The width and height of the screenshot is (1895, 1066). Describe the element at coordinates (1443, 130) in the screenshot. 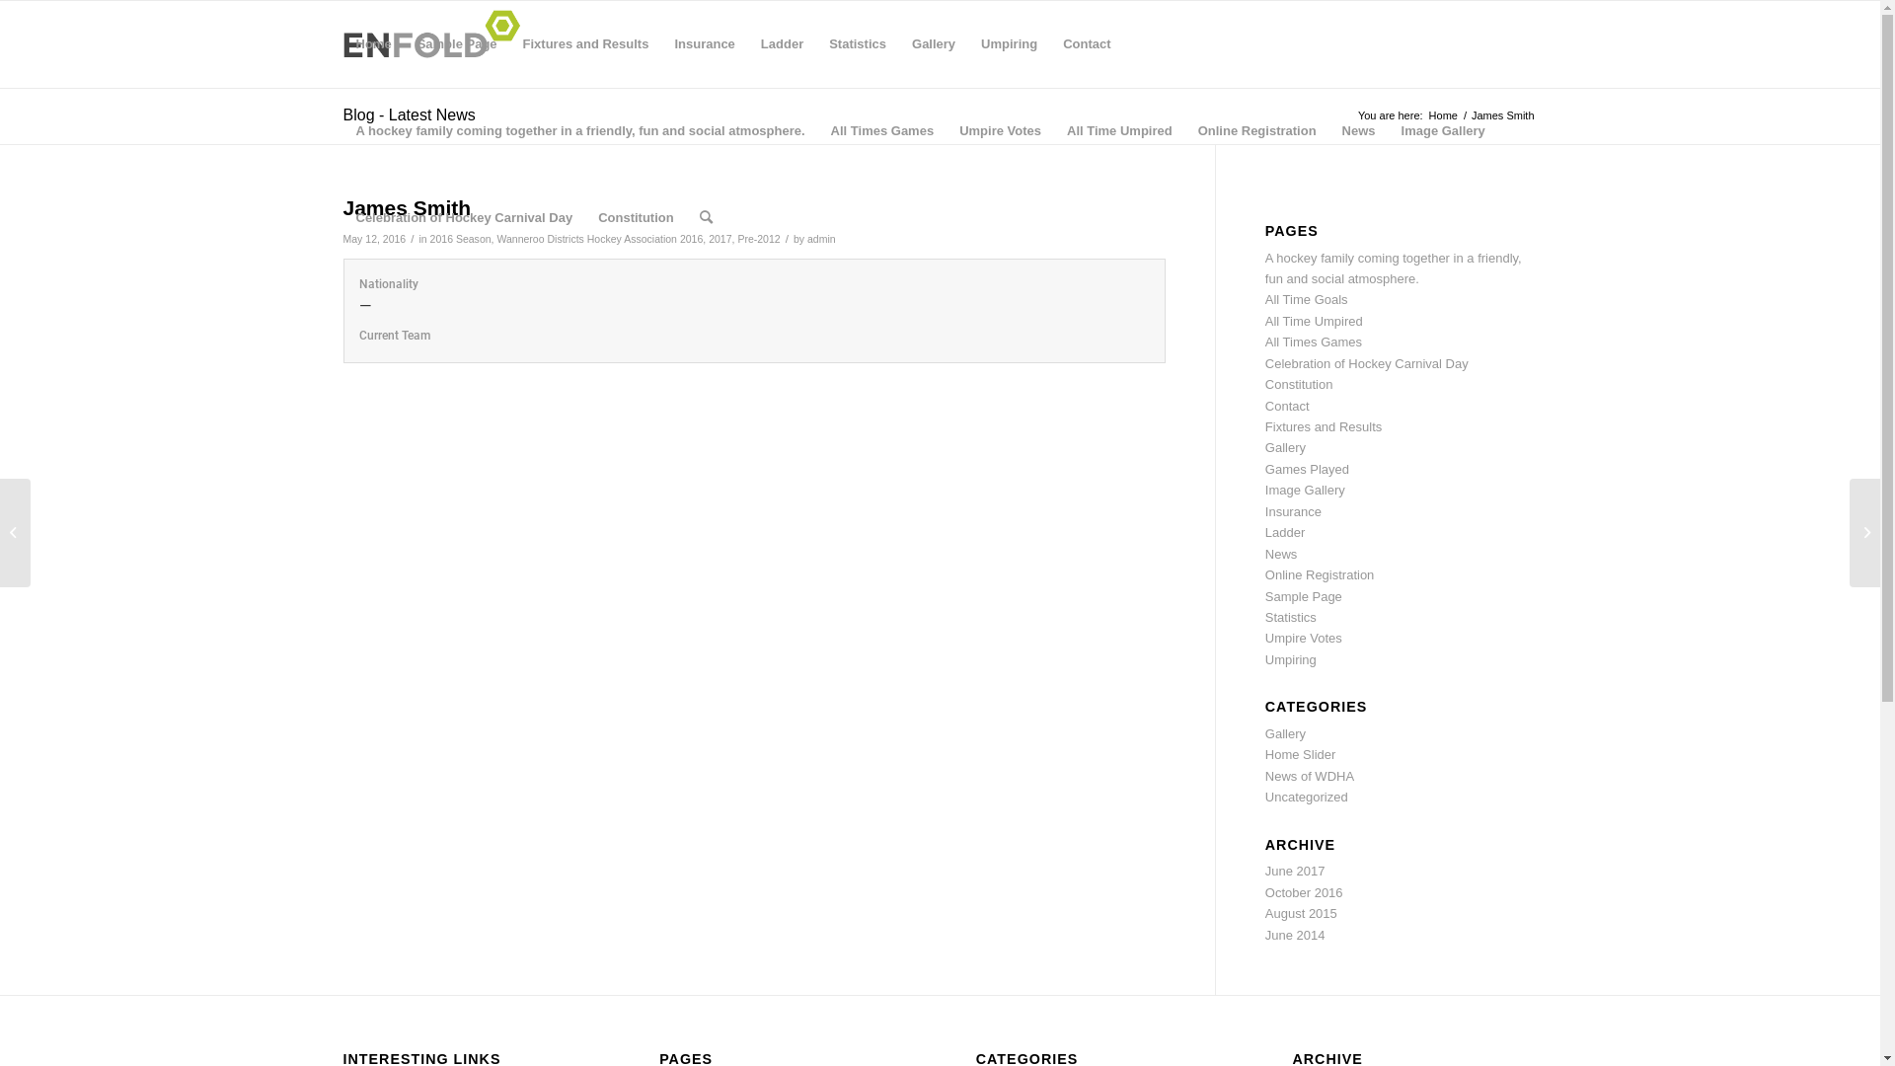

I see `'Image Gallery'` at that location.